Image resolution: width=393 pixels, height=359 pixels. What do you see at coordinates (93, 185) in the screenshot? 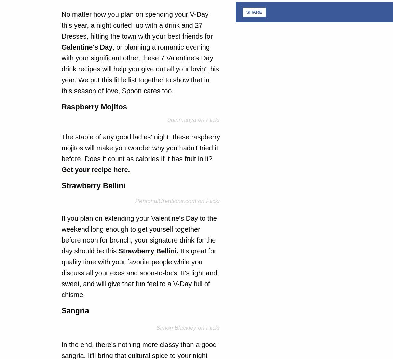
I see `'Strawberry Bellini'` at bounding box center [93, 185].